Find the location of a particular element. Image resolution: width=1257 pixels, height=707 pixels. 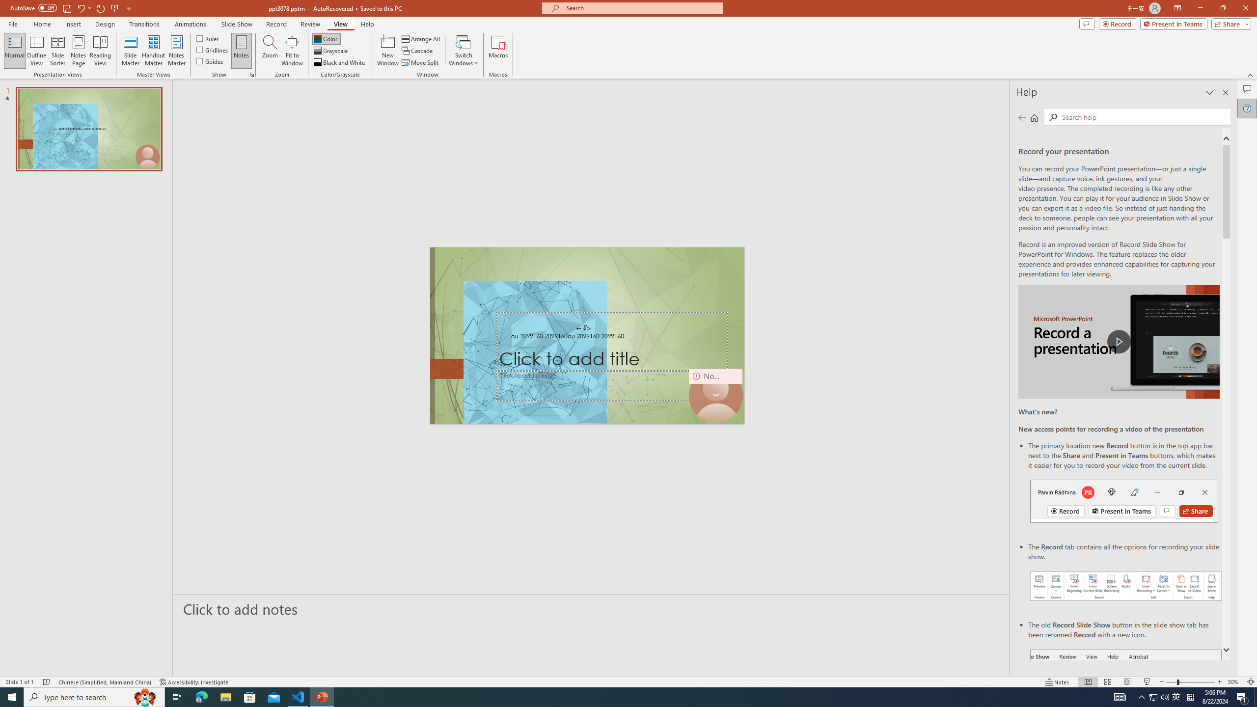

'Notes Page' is located at coordinates (78, 51).